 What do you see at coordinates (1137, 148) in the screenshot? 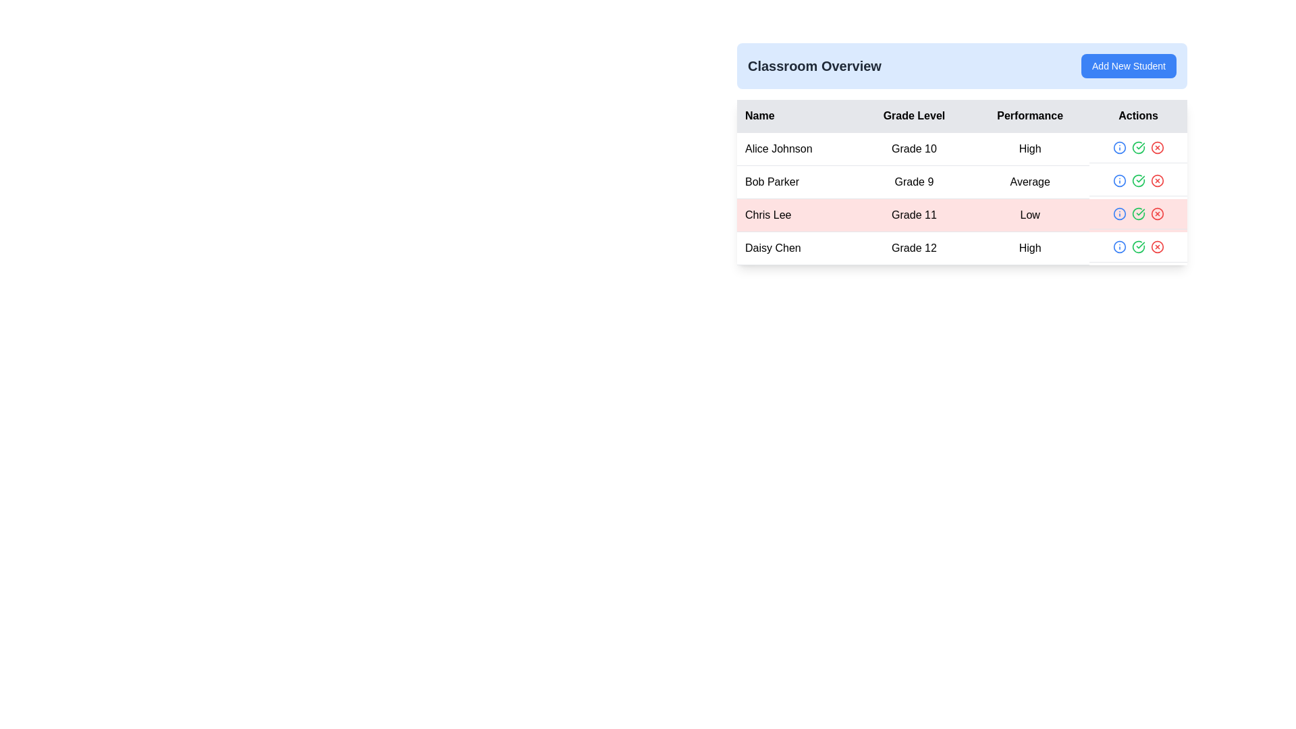
I see `the green checkmark icon` at bounding box center [1137, 148].